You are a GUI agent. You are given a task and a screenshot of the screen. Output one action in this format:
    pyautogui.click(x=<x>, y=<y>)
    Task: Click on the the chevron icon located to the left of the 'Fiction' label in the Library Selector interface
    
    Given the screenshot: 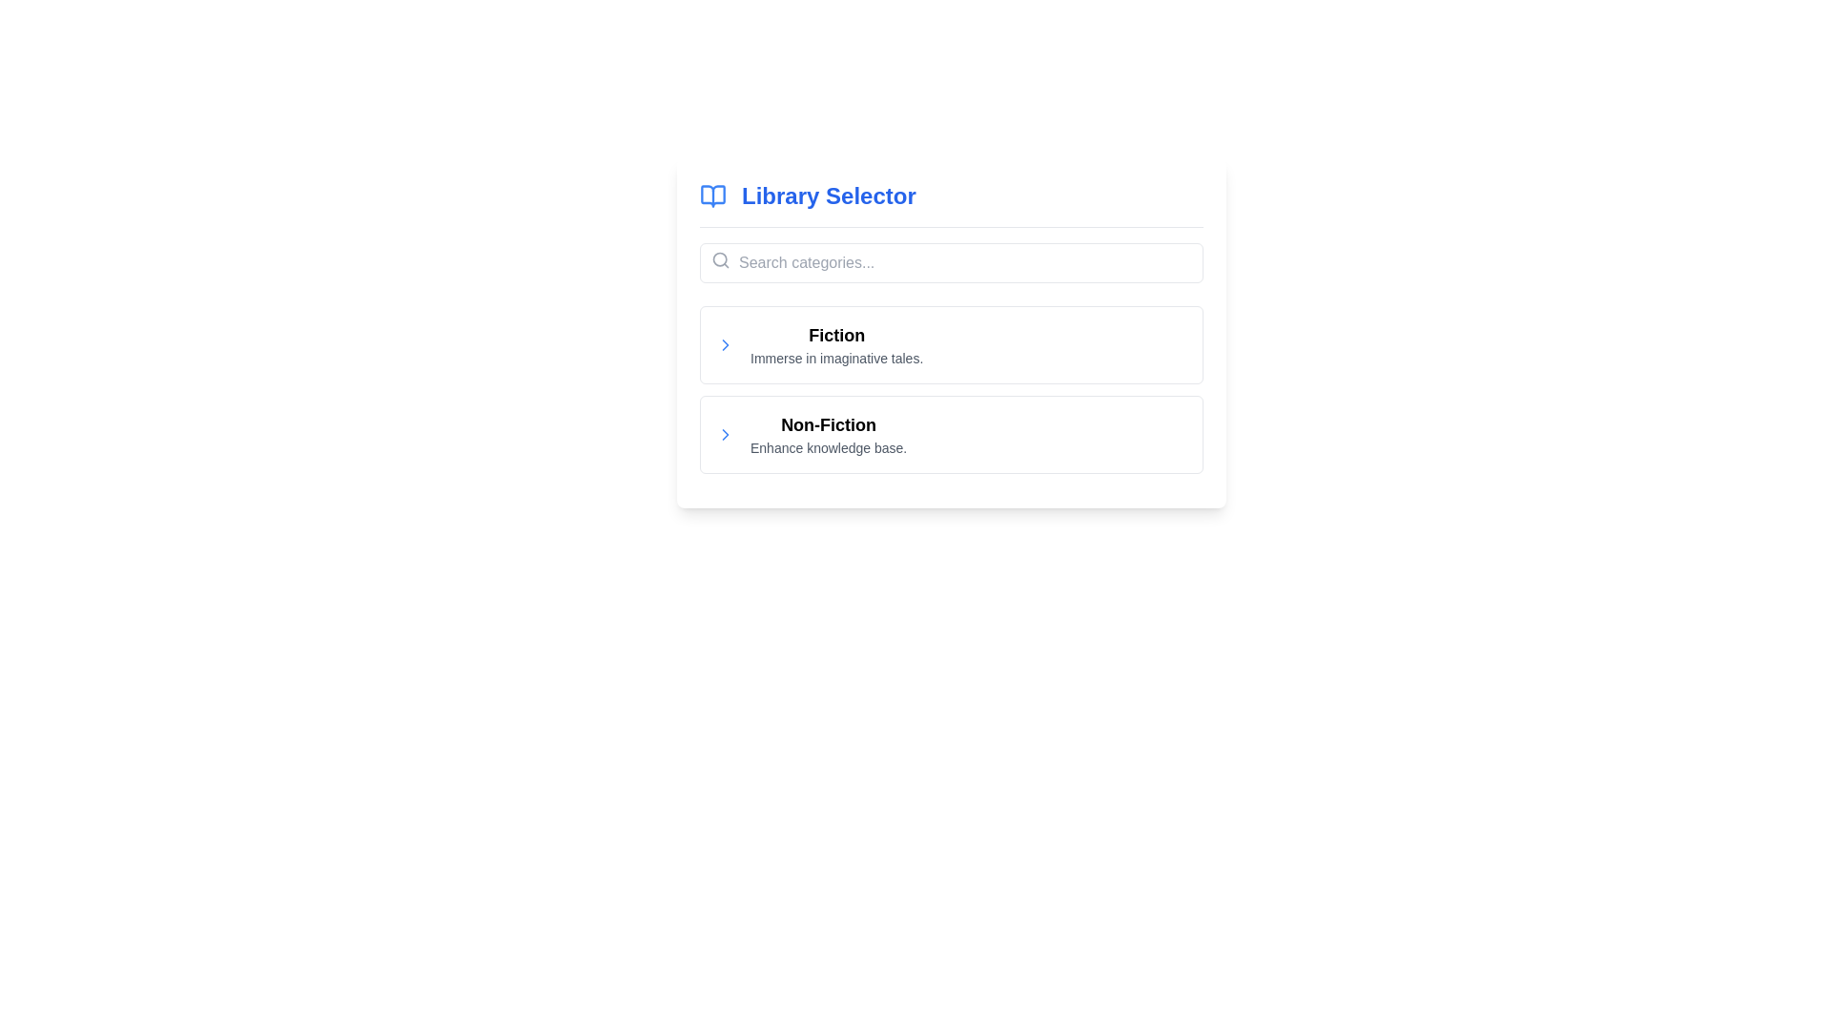 What is the action you would take?
    pyautogui.click(x=725, y=345)
    